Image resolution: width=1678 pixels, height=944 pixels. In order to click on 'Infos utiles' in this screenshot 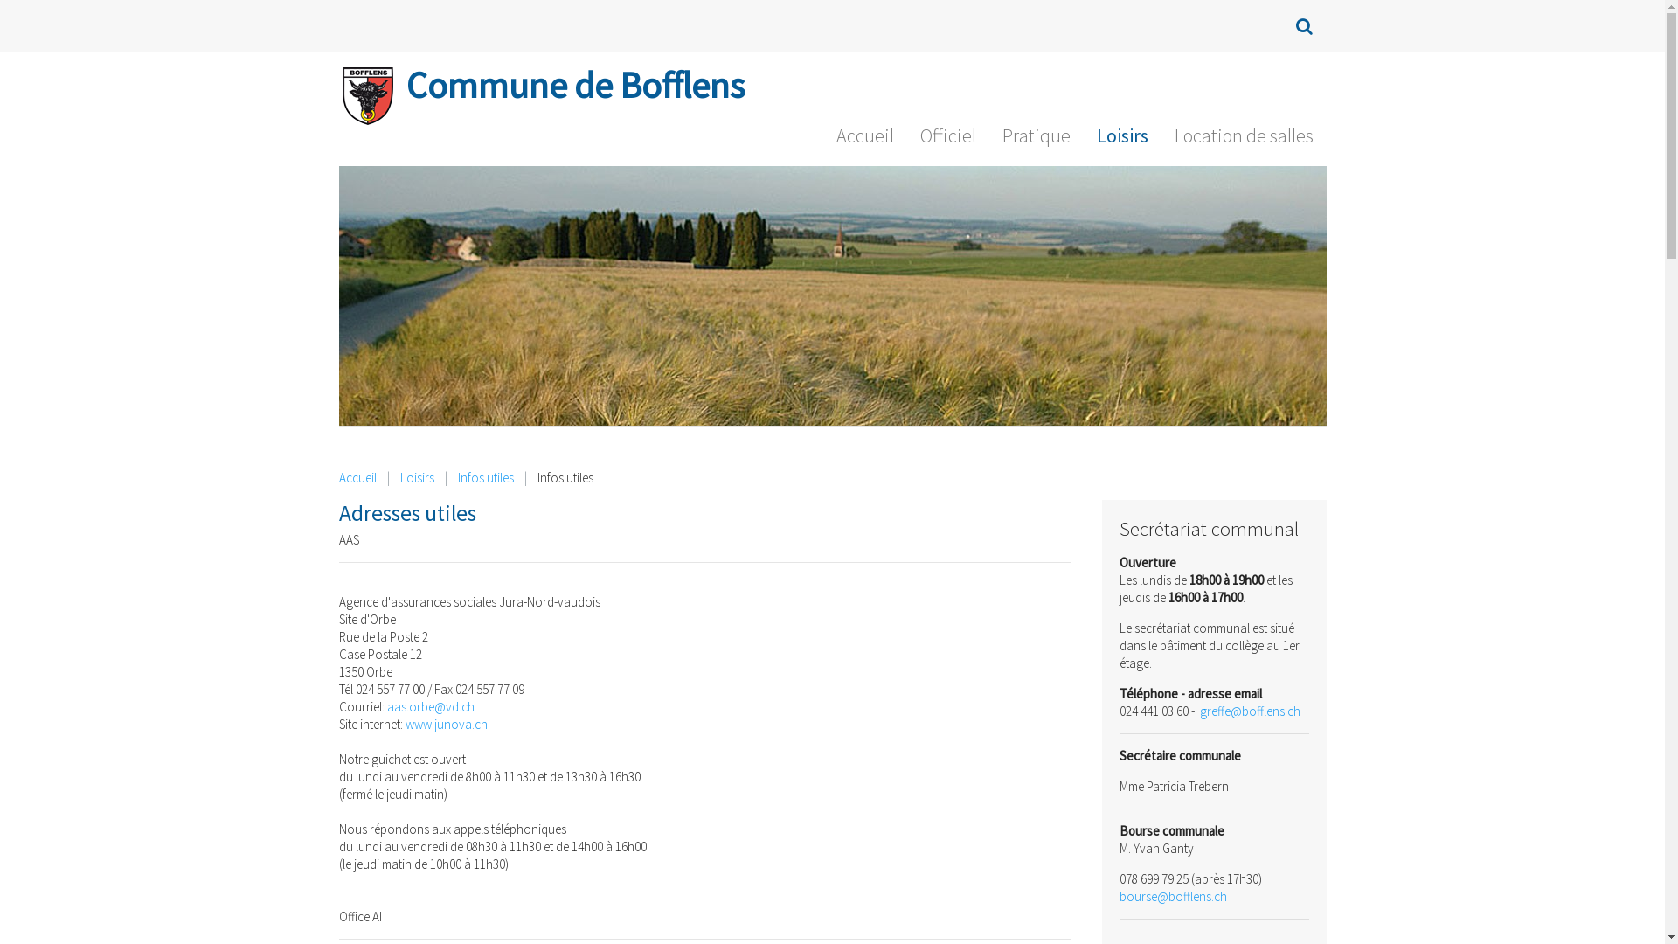, I will do `click(486, 478)`.